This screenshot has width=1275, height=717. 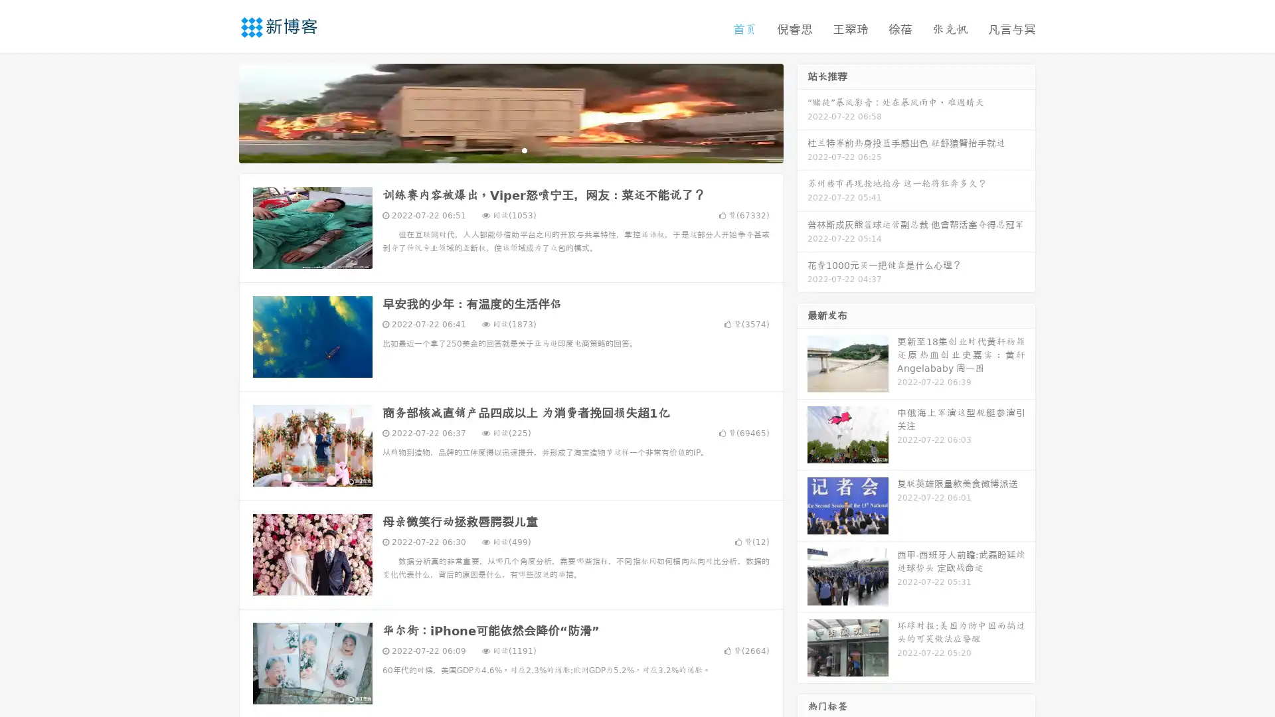 What do you see at coordinates (524, 149) in the screenshot?
I see `Go to slide 3` at bounding box center [524, 149].